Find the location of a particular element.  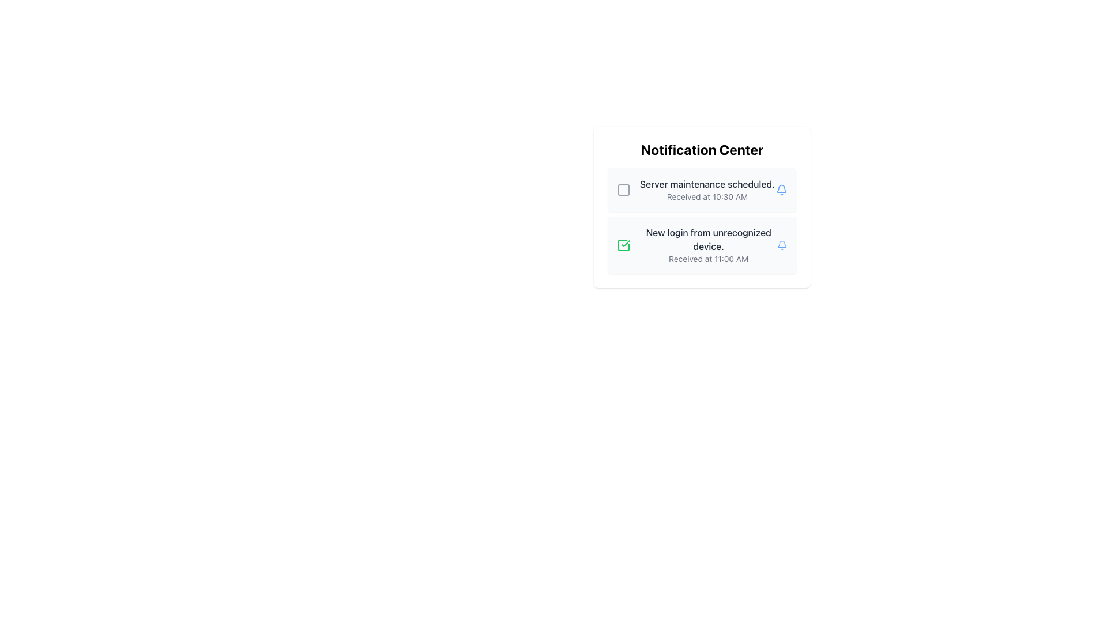

the checkbox is located at coordinates (623, 244).